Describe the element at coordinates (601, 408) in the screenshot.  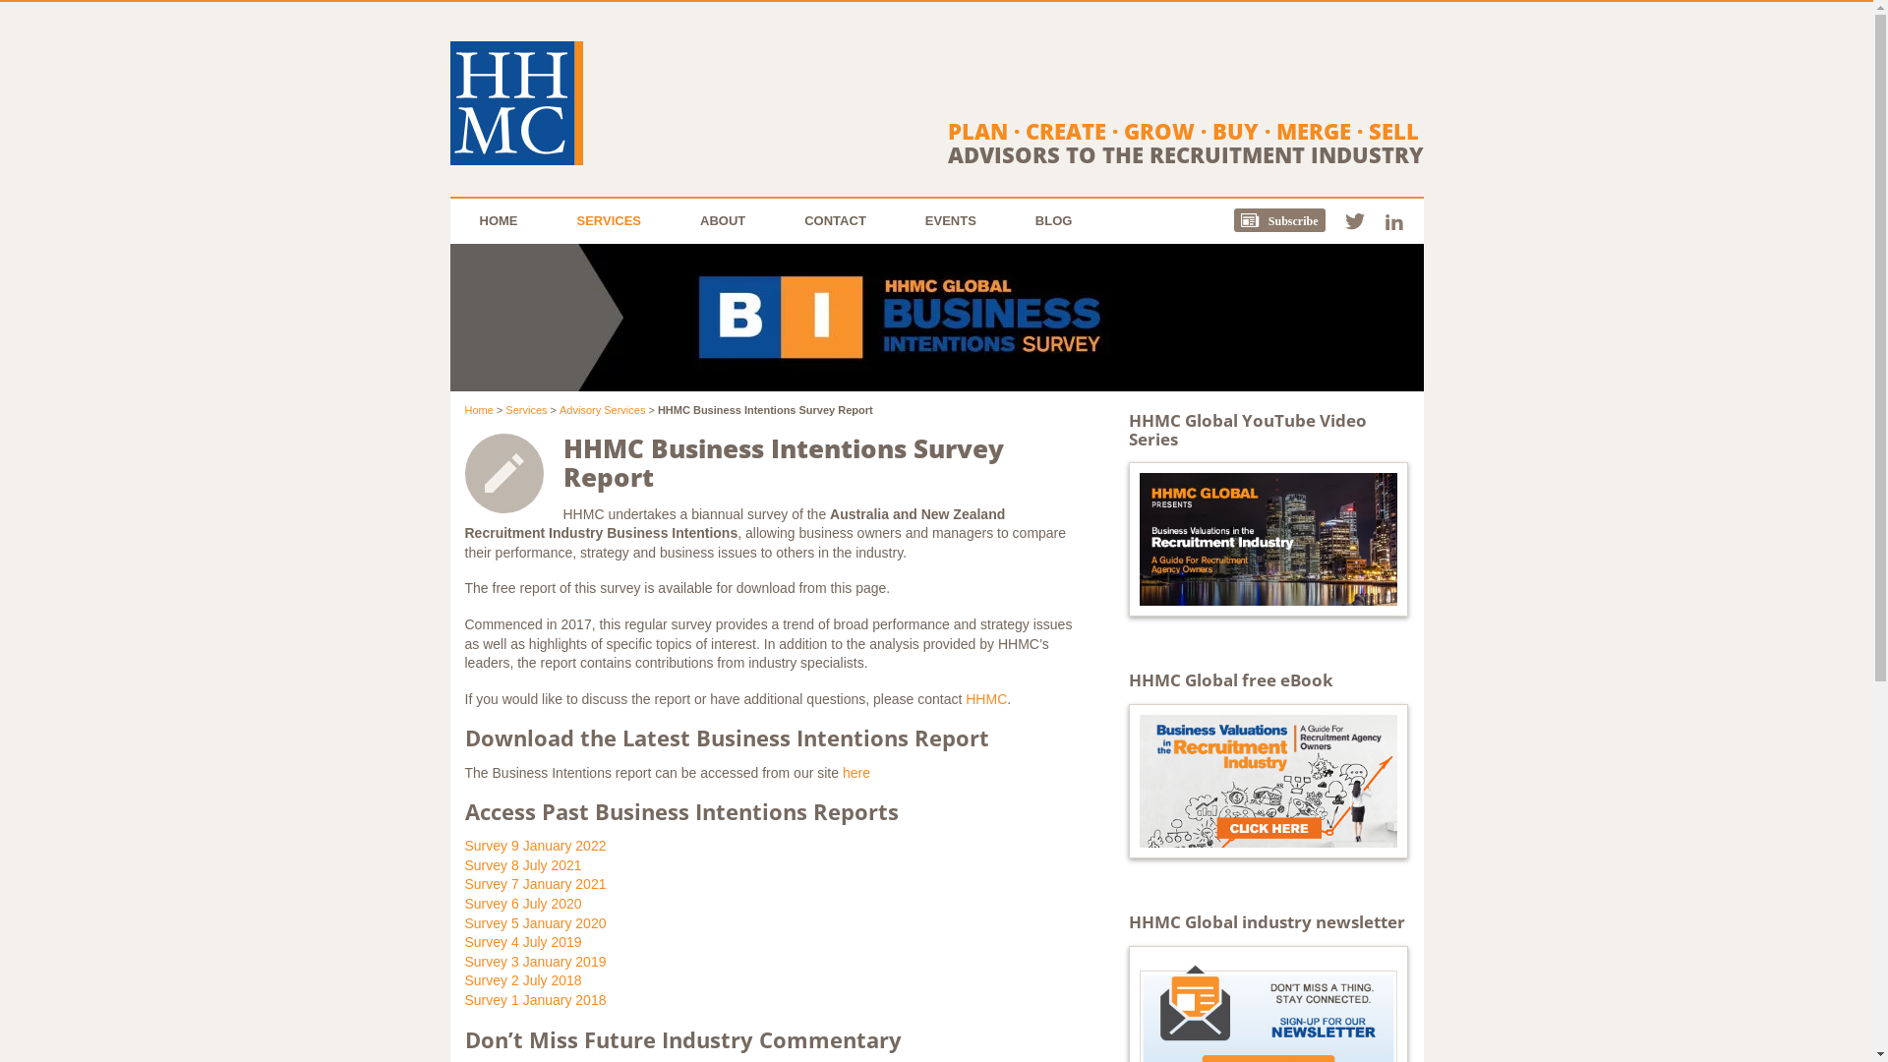
I see `'Advisory Services'` at that location.